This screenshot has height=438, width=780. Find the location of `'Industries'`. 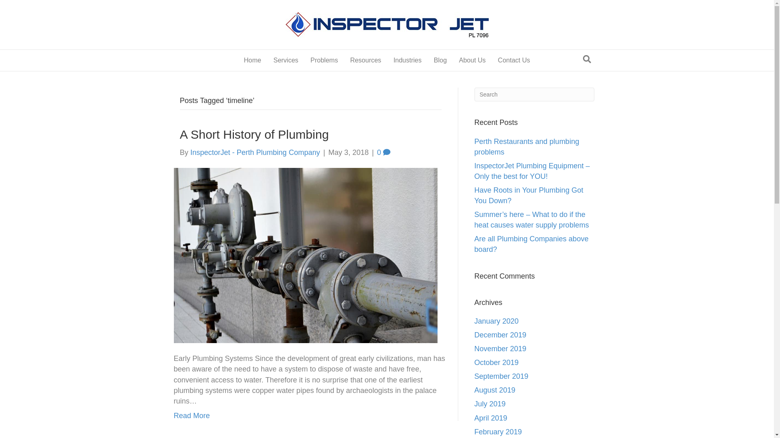

'Industries' is located at coordinates (407, 60).